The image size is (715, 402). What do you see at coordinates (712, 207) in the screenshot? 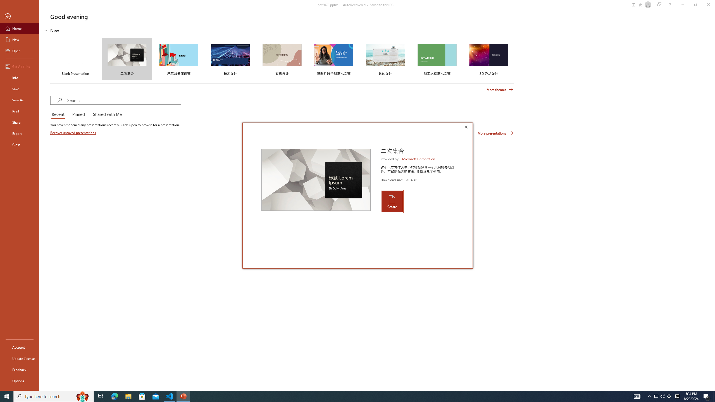
I see `'Class: NetUIScrollBar'` at bounding box center [712, 207].